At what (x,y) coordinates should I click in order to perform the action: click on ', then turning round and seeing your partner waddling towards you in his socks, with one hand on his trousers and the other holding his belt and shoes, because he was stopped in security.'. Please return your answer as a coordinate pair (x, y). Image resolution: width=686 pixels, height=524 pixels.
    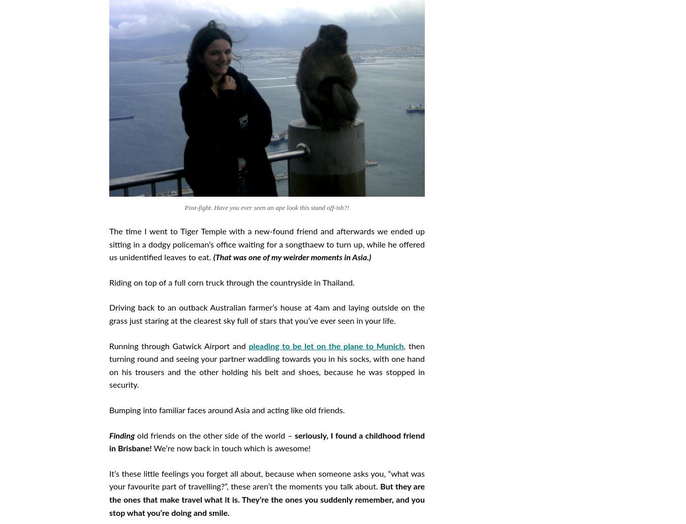
    Looking at the image, I should click on (266, 365).